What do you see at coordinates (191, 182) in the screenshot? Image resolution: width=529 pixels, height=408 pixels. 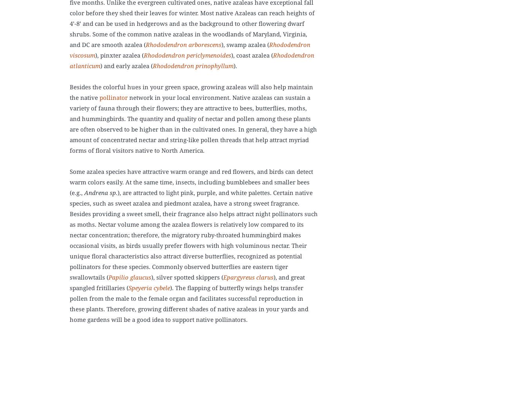 I see `'Some azalea species have attractive warm orange and red flowers, and birds can detect warm colors easily. At the same time, insects, including bumblebees and smaller bees (e.g.,'` at bounding box center [191, 182].